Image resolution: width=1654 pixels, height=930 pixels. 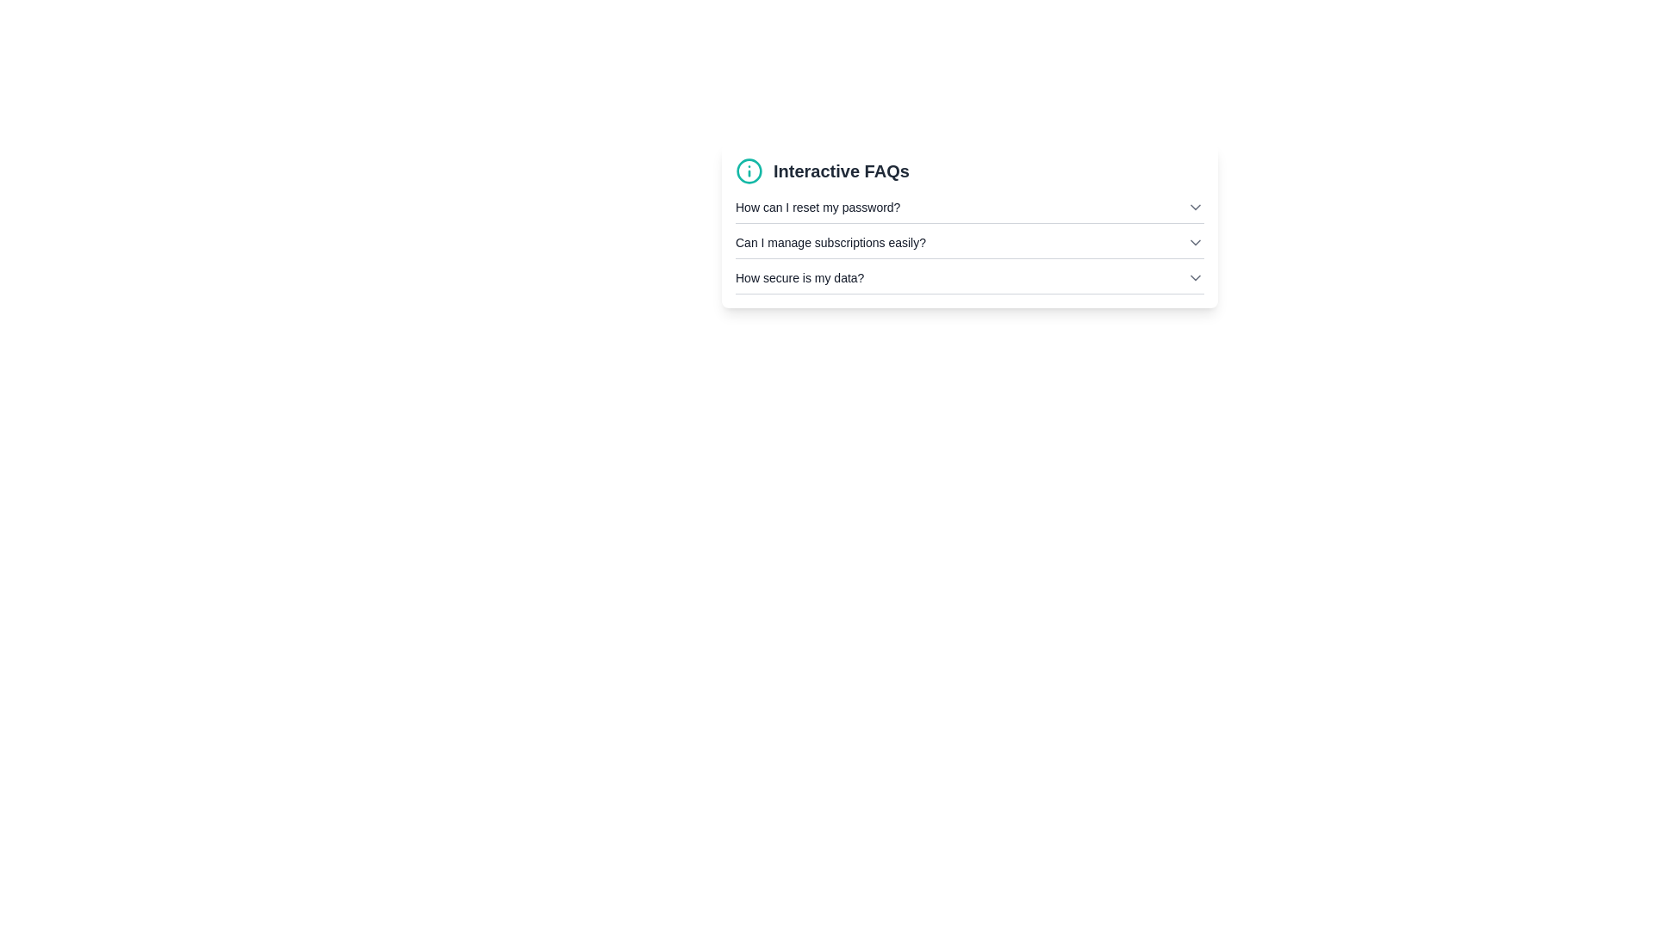 What do you see at coordinates (970, 277) in the screenshot?
I see `the dropdown toggle option labeled 'How secure is my data?'` at bounding box center [970, 277].